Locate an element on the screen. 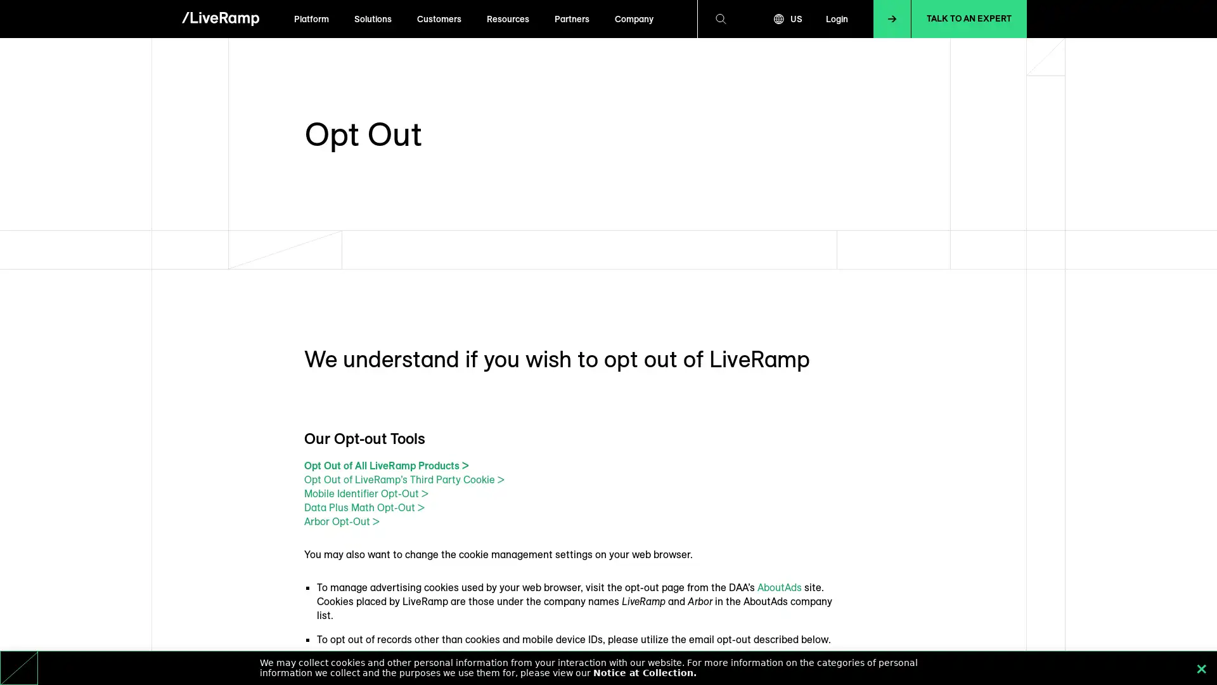  Notice at Collection. is located at coordinates (645, 672).